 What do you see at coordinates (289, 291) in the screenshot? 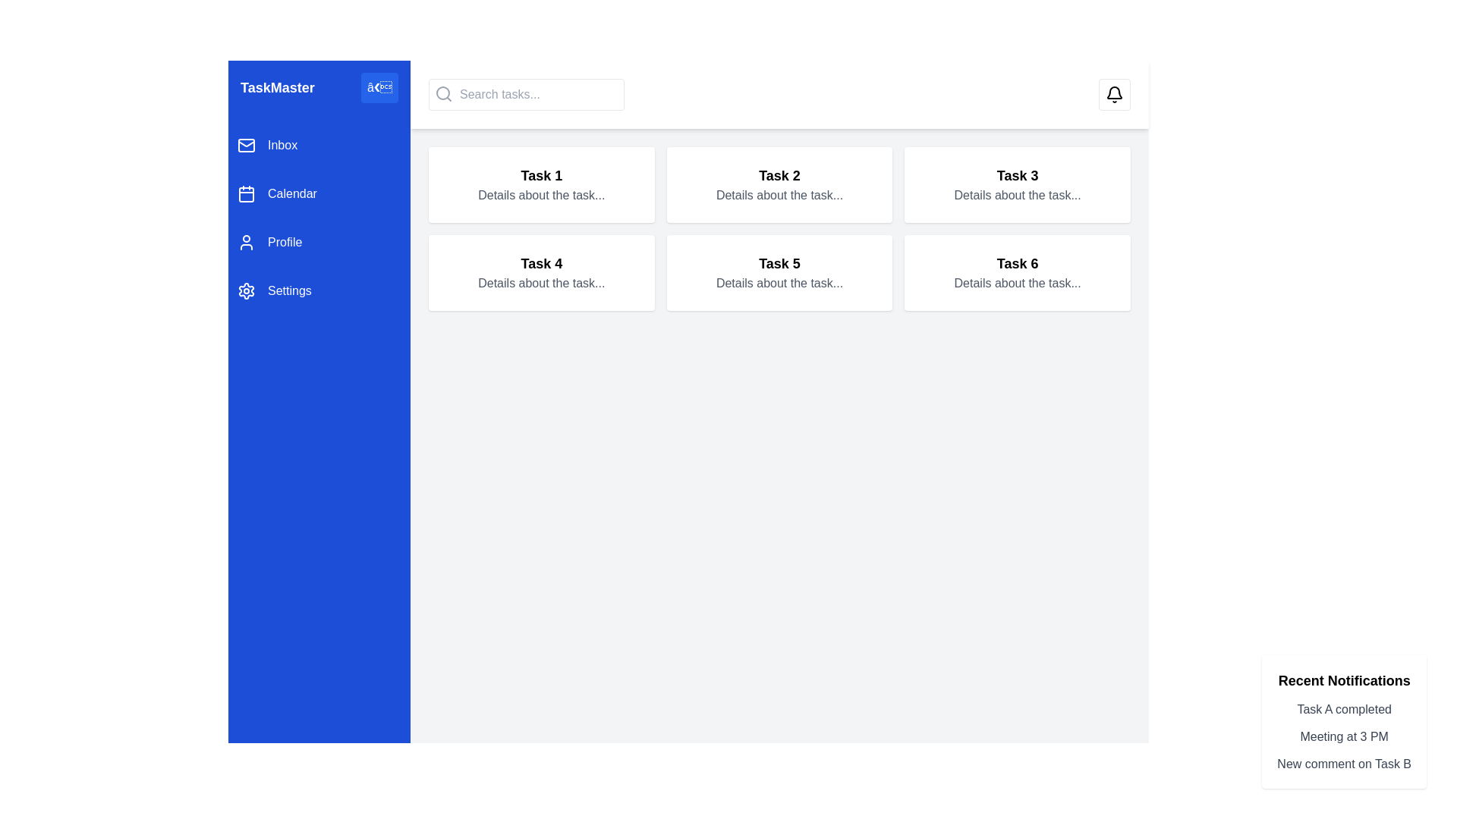
I see `the 'Settings' label in the sidebar menu` at bounding box center [289, 291].